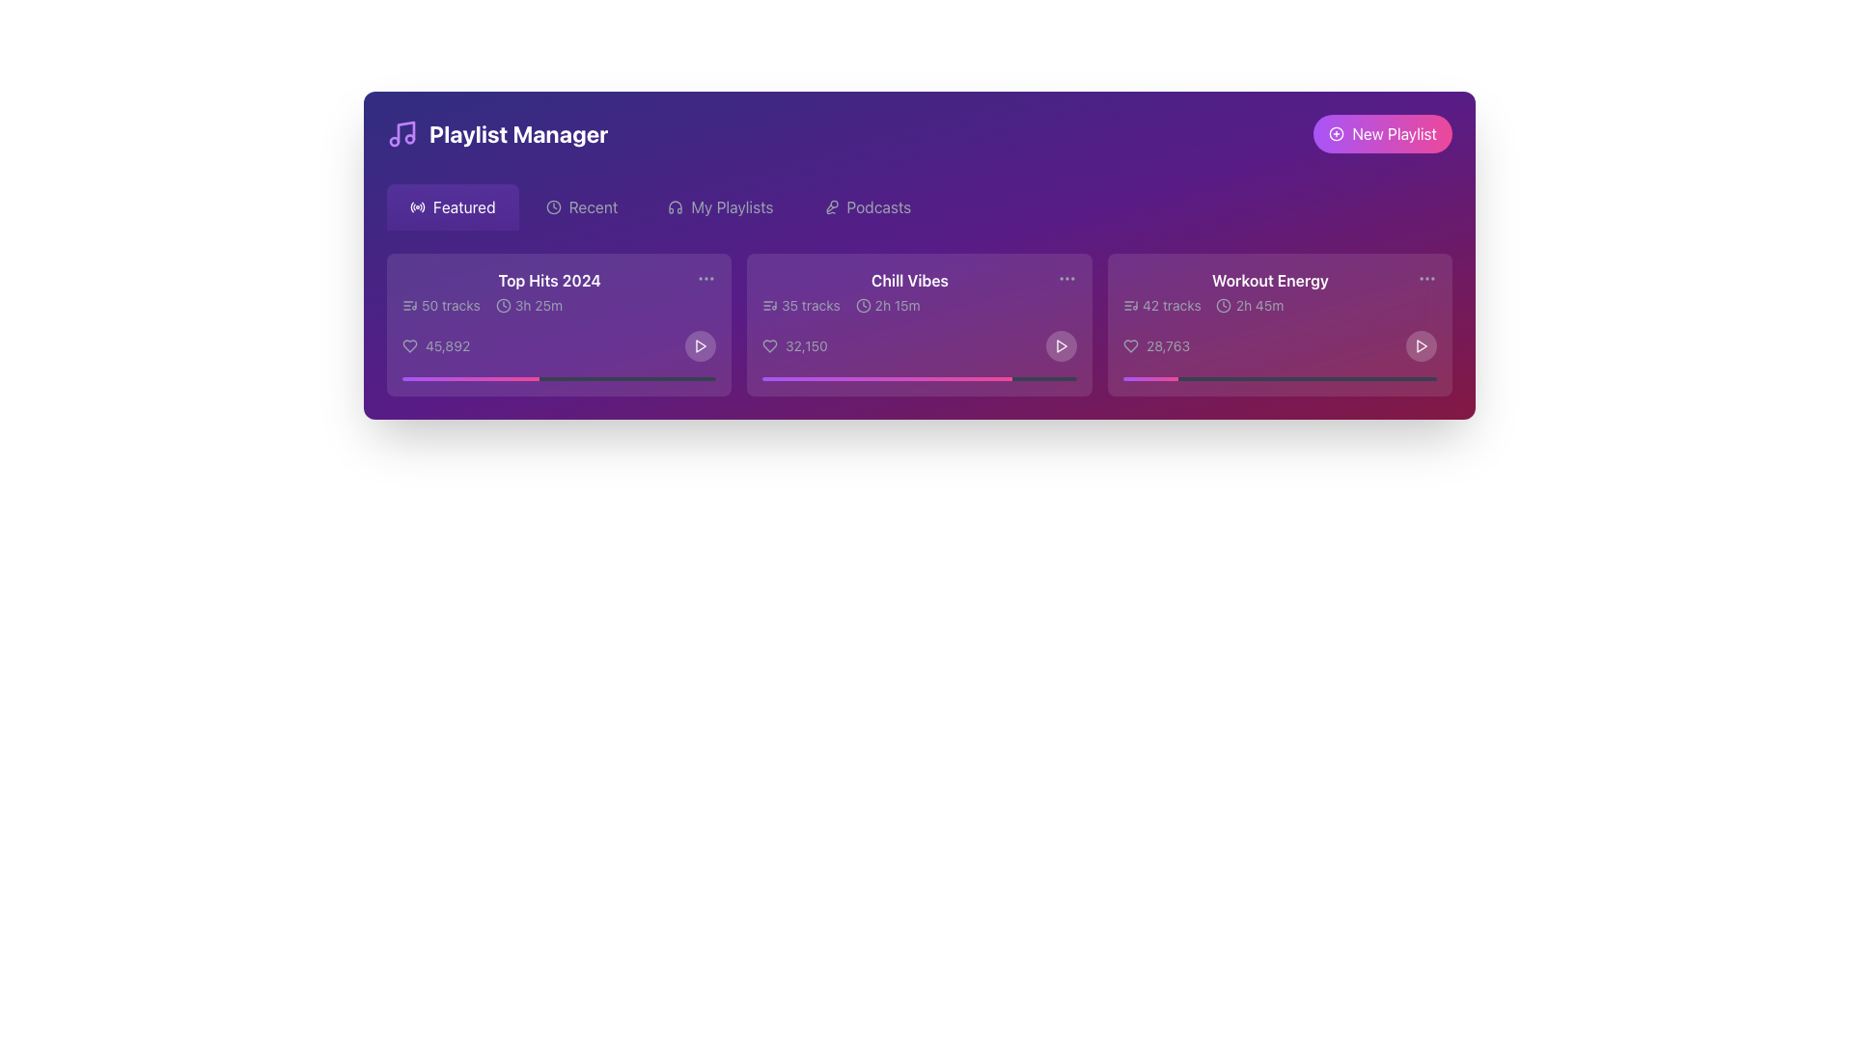 Image resolution: width=1853 pixels, height=1042 pixels. I want to click on the 'My Playlists' button in the horizontal menu bar, so click(719, 207).